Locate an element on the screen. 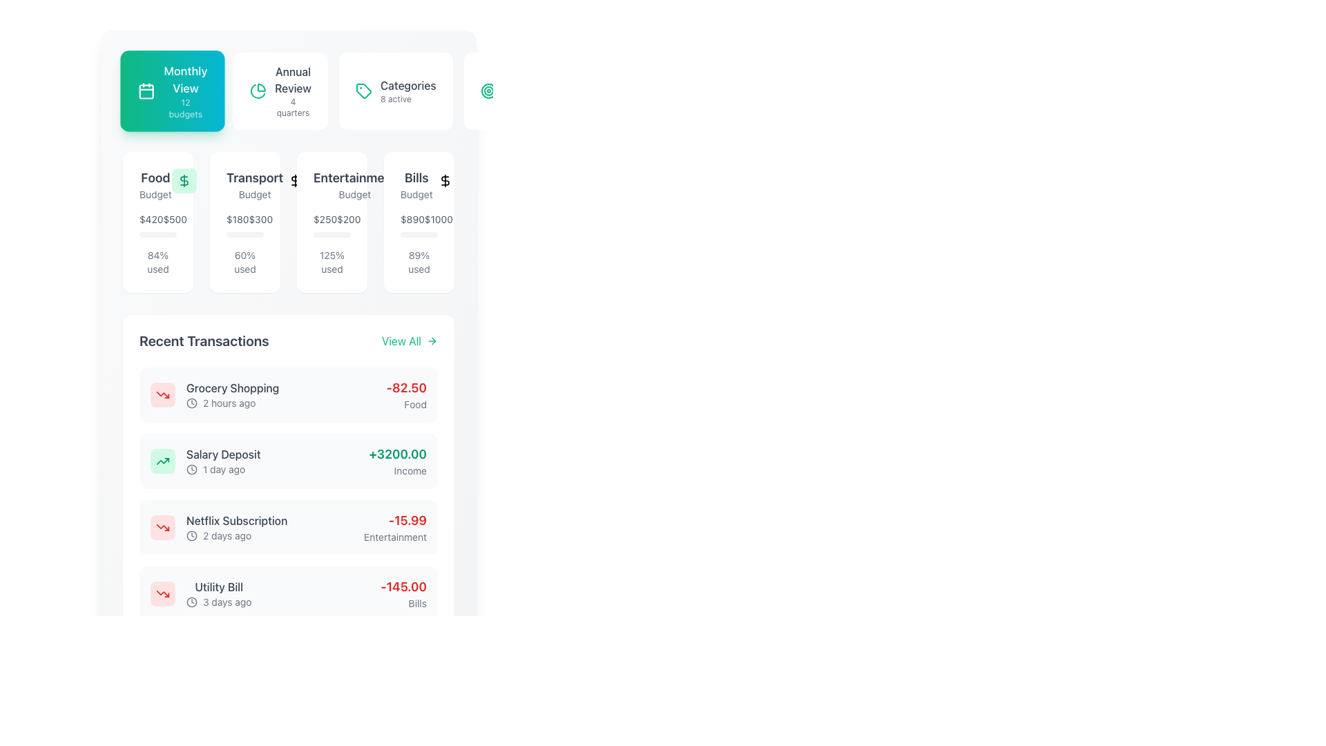 The height and width of the screenshot is (746, 1326). text label displaying 'Food' located below the red-highlighted monetary value '-82.50' in the 'Recent Transactions' section is located at coordinates (405, 404).